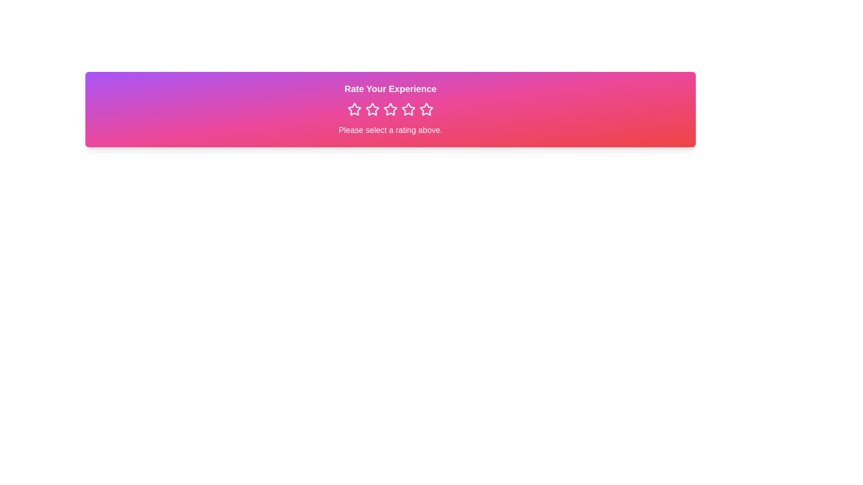 The height and width of the screenshot is (485, 863). Describe the element at coordinates (408, 109) in the screenshot. I see `the fifth star` at that location.